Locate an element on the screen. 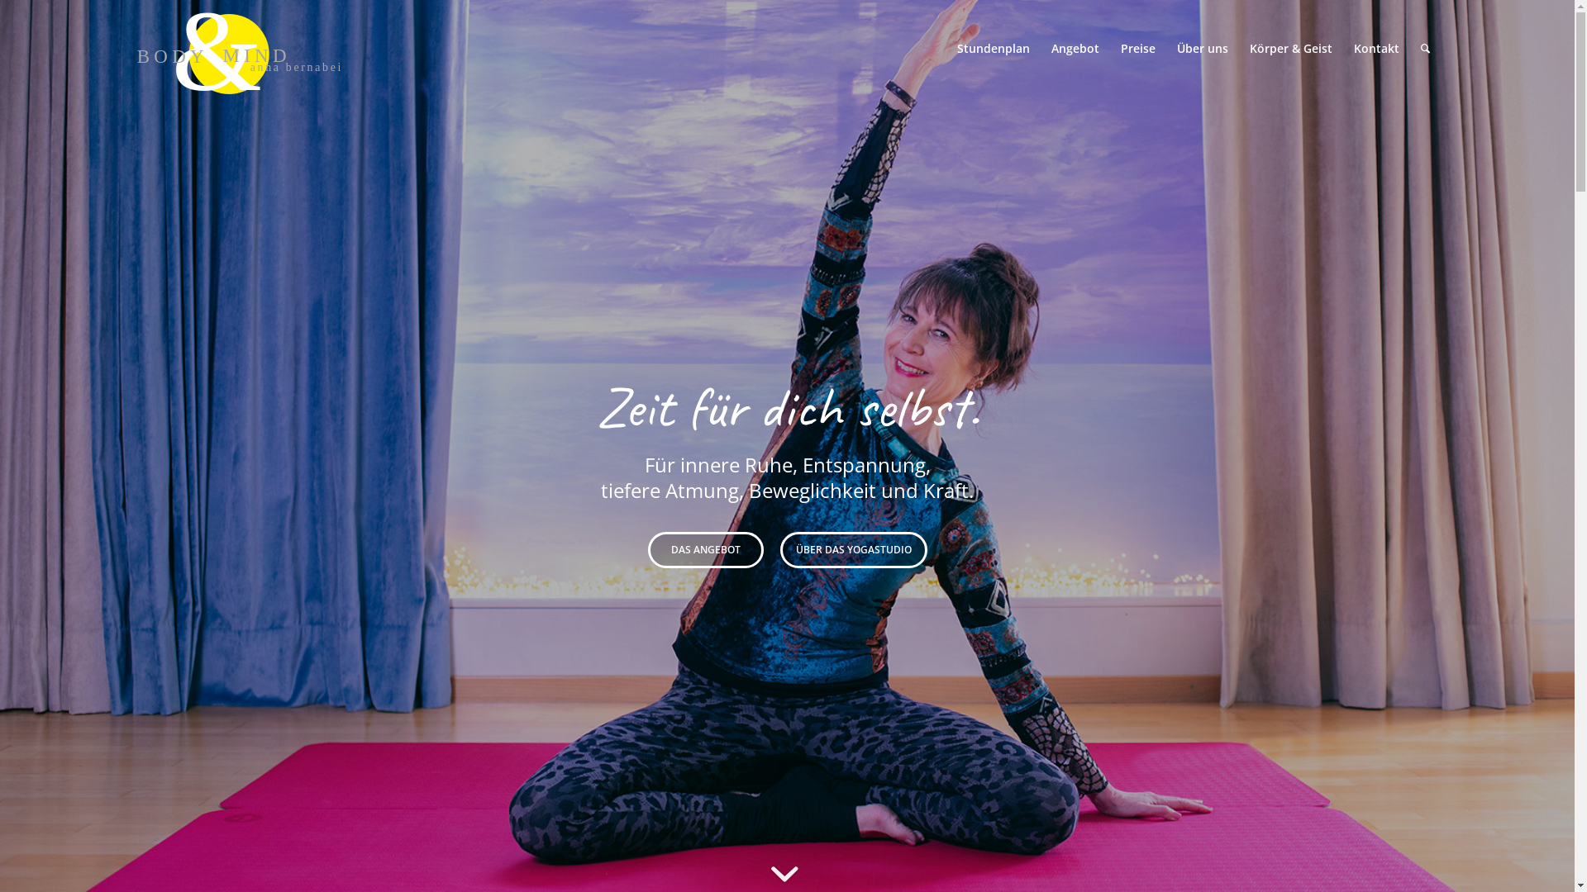  'Preise' is located at coordinates (1137, 47).